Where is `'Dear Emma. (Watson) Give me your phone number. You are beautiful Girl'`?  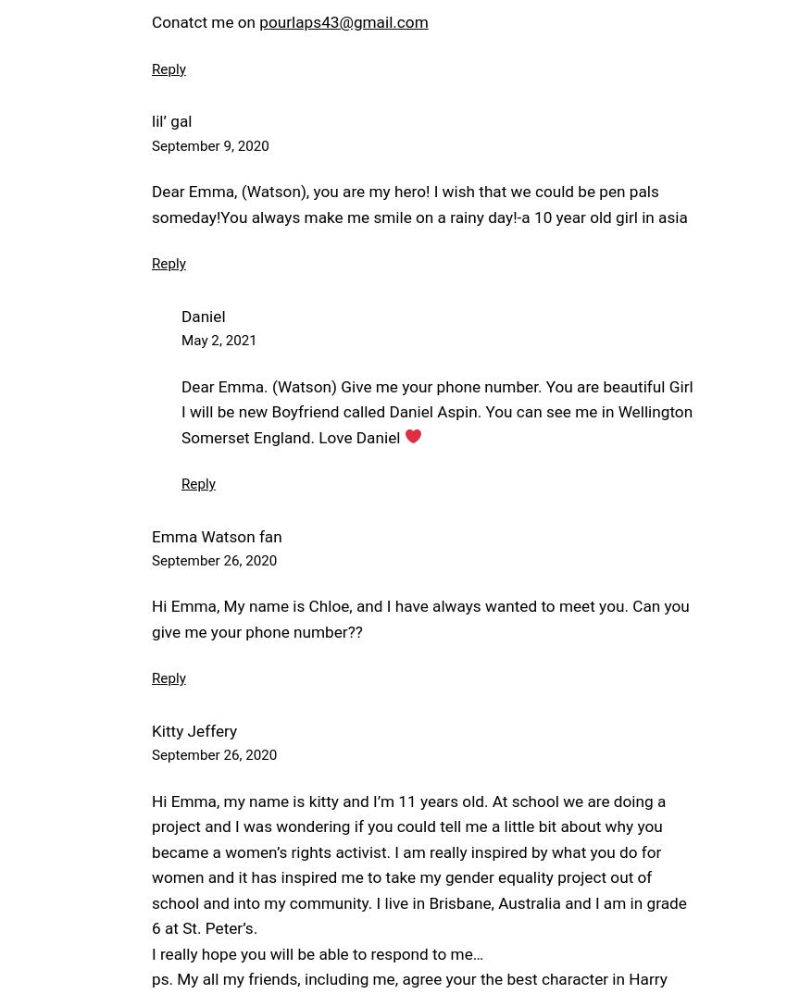 'Dear Emma. (Watson) Give me your phone number. You are beautiful Girl' is located at coordinates (181, 386).